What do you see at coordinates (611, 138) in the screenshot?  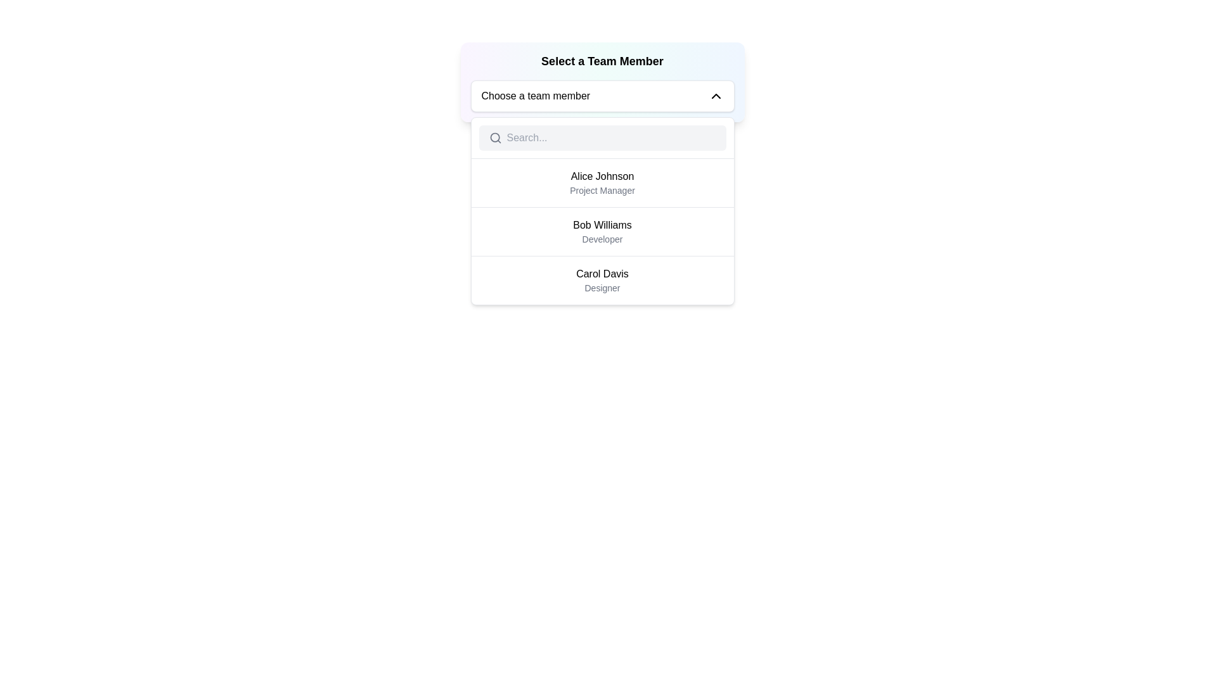 I see `the search input field located under the 'Select a Team Member' section to place the cursor for typing a query` at bounding box center [611, 138].